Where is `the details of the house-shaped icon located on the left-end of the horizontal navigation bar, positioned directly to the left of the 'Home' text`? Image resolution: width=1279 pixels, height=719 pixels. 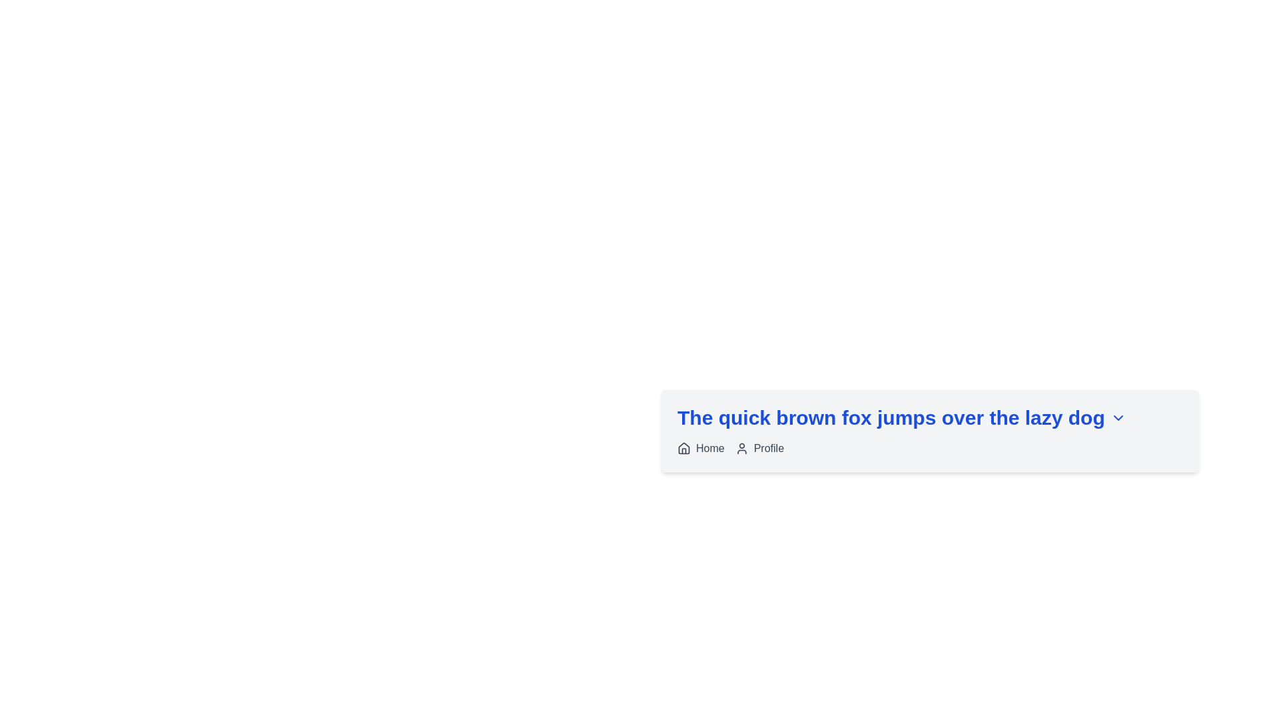
the details of the house-shaped icon located on the left-end of the horizontal navigation bar, positioned directly to the left of the 'Home' text is located at coordinates (684, 447).